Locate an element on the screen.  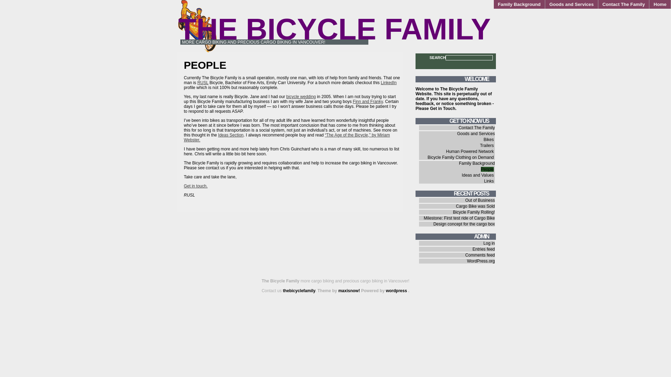
'Family Background' is located at coordinates (476, 163).